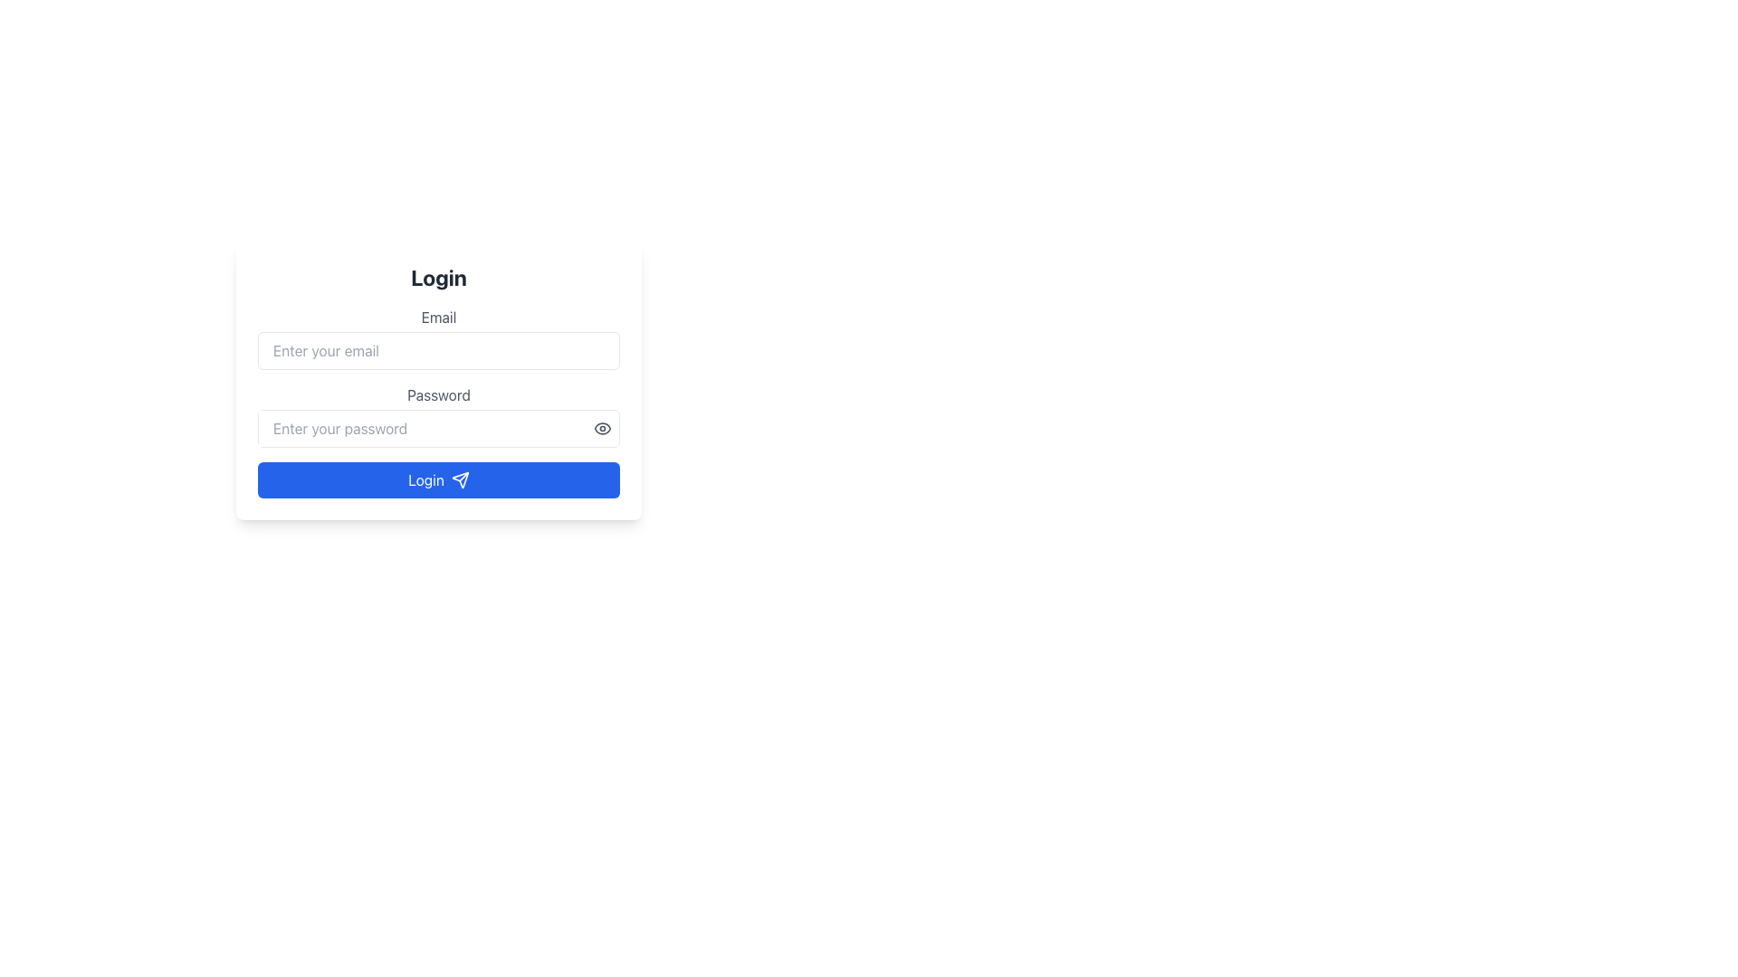 Image resolution: width=1738 pixels, height=977 pixels. I want to click on the paper airplane icon, which is white against a blue background, located to the right of the 'Login' button, so click(460, 479).